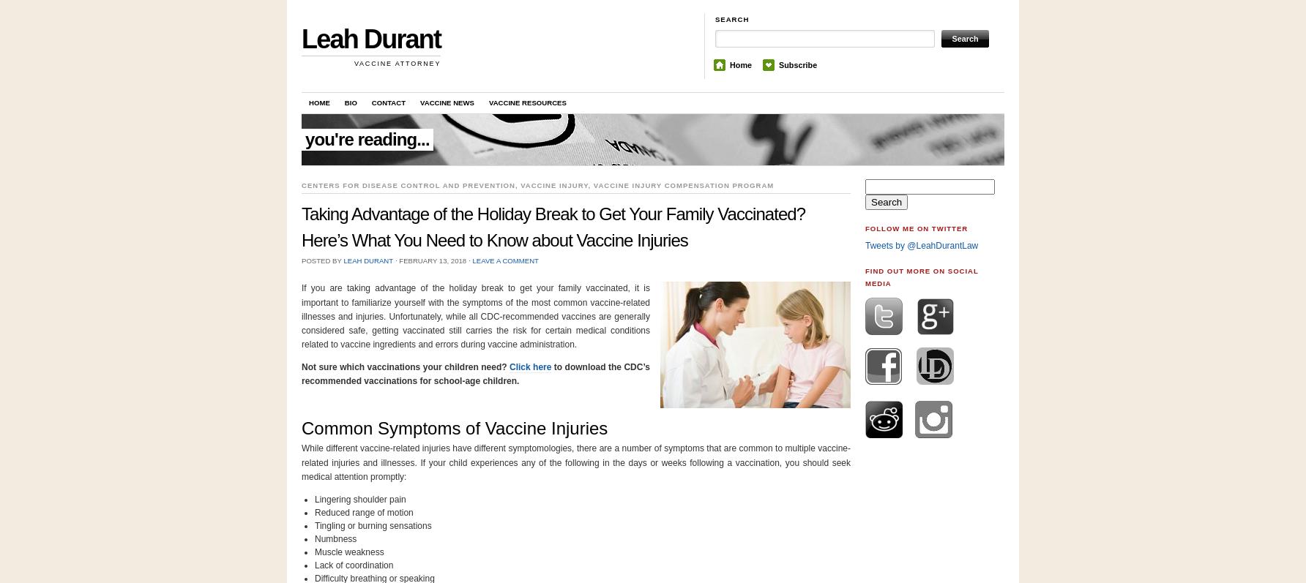  What do you see at coordinates (740, 64) in the screenshot?
I see `'Home'` at bounding box center [740, 64].